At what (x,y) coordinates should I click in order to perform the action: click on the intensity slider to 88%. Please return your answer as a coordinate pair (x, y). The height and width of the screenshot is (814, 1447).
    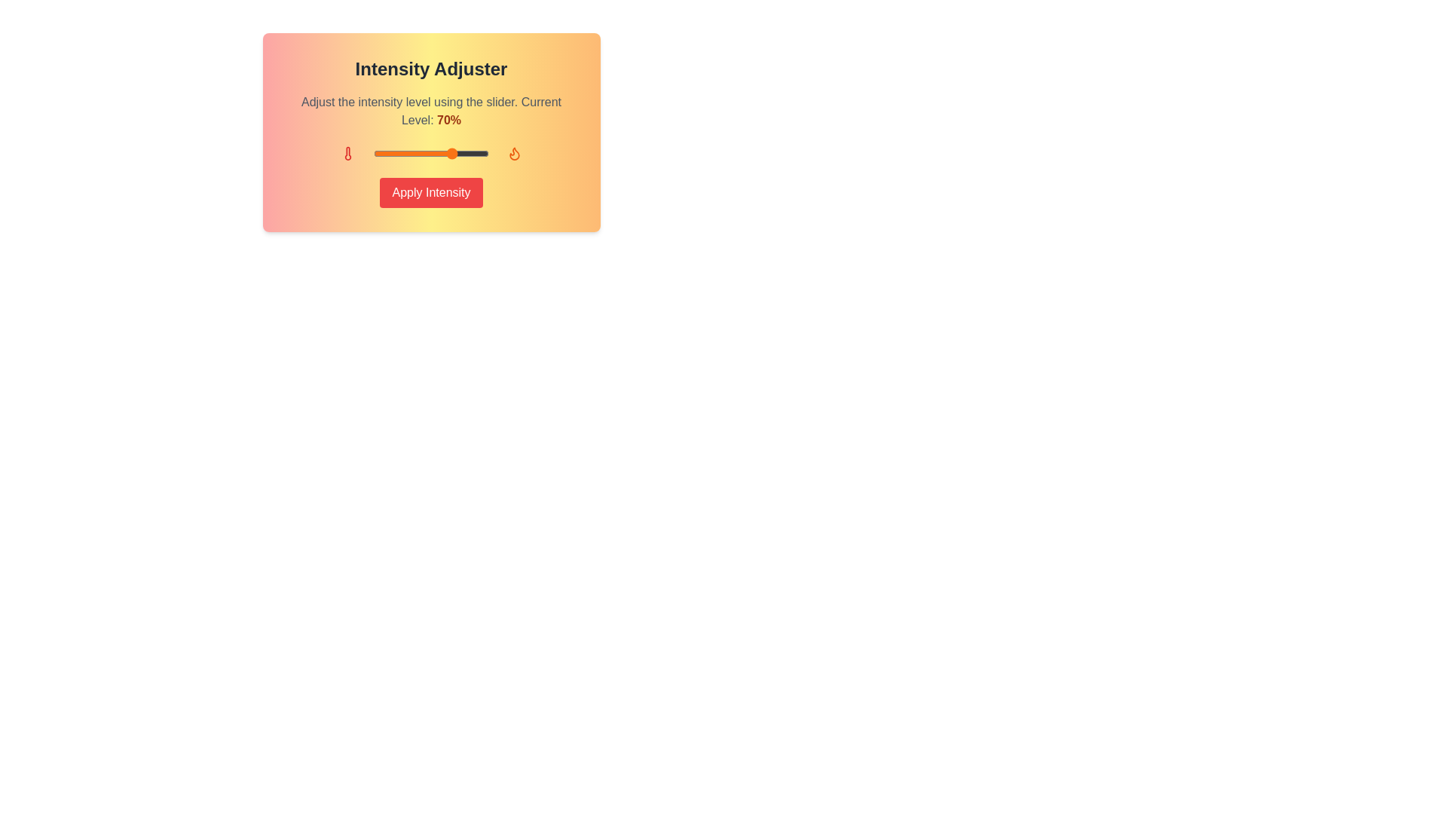
    Looking at the image, I should click on (474, 154).